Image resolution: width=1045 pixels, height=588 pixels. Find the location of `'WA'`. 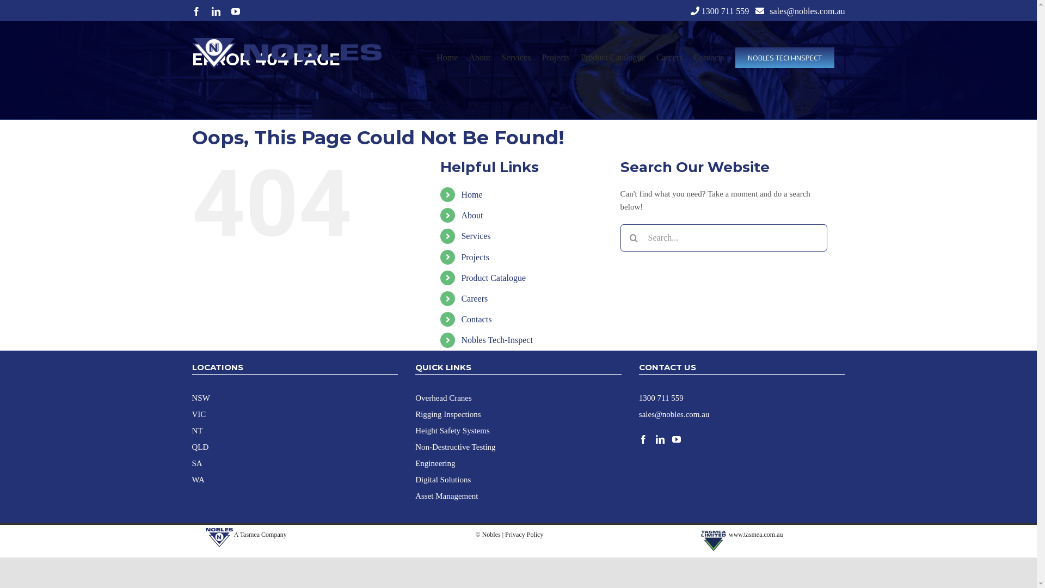

'WA' is located at coordinates (198, 478).